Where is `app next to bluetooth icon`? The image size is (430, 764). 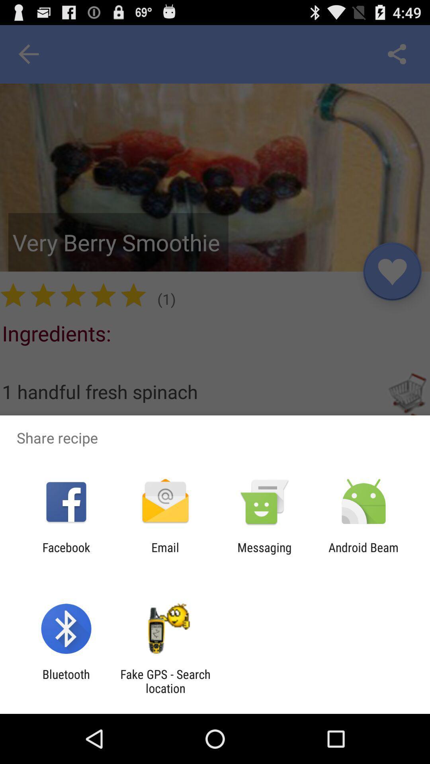
app next to bluetooth icon is located at coordinates (165, 681).